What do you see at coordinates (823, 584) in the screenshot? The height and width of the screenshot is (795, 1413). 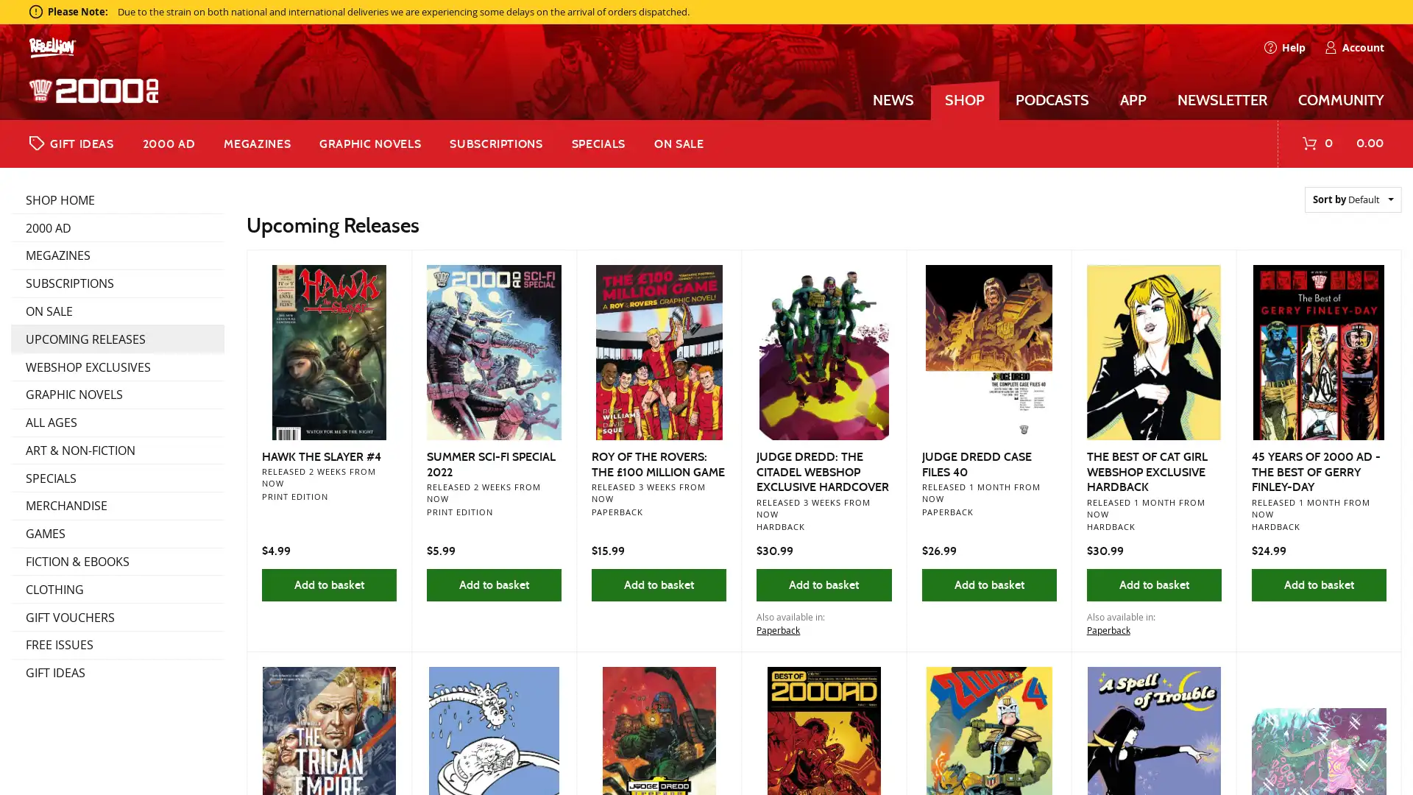 I see `Add to basket` at bounding box center [823, 584].